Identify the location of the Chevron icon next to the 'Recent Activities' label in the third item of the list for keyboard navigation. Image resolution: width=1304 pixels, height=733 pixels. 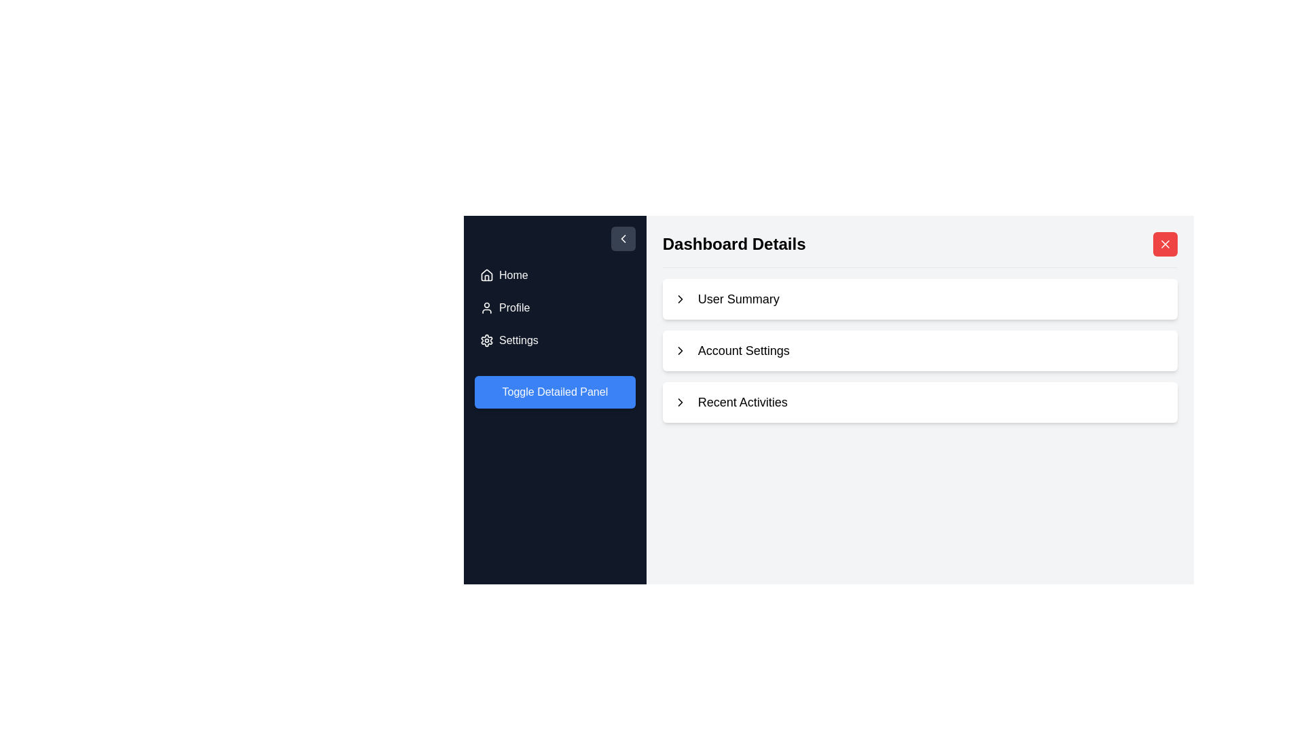
(680, 402).